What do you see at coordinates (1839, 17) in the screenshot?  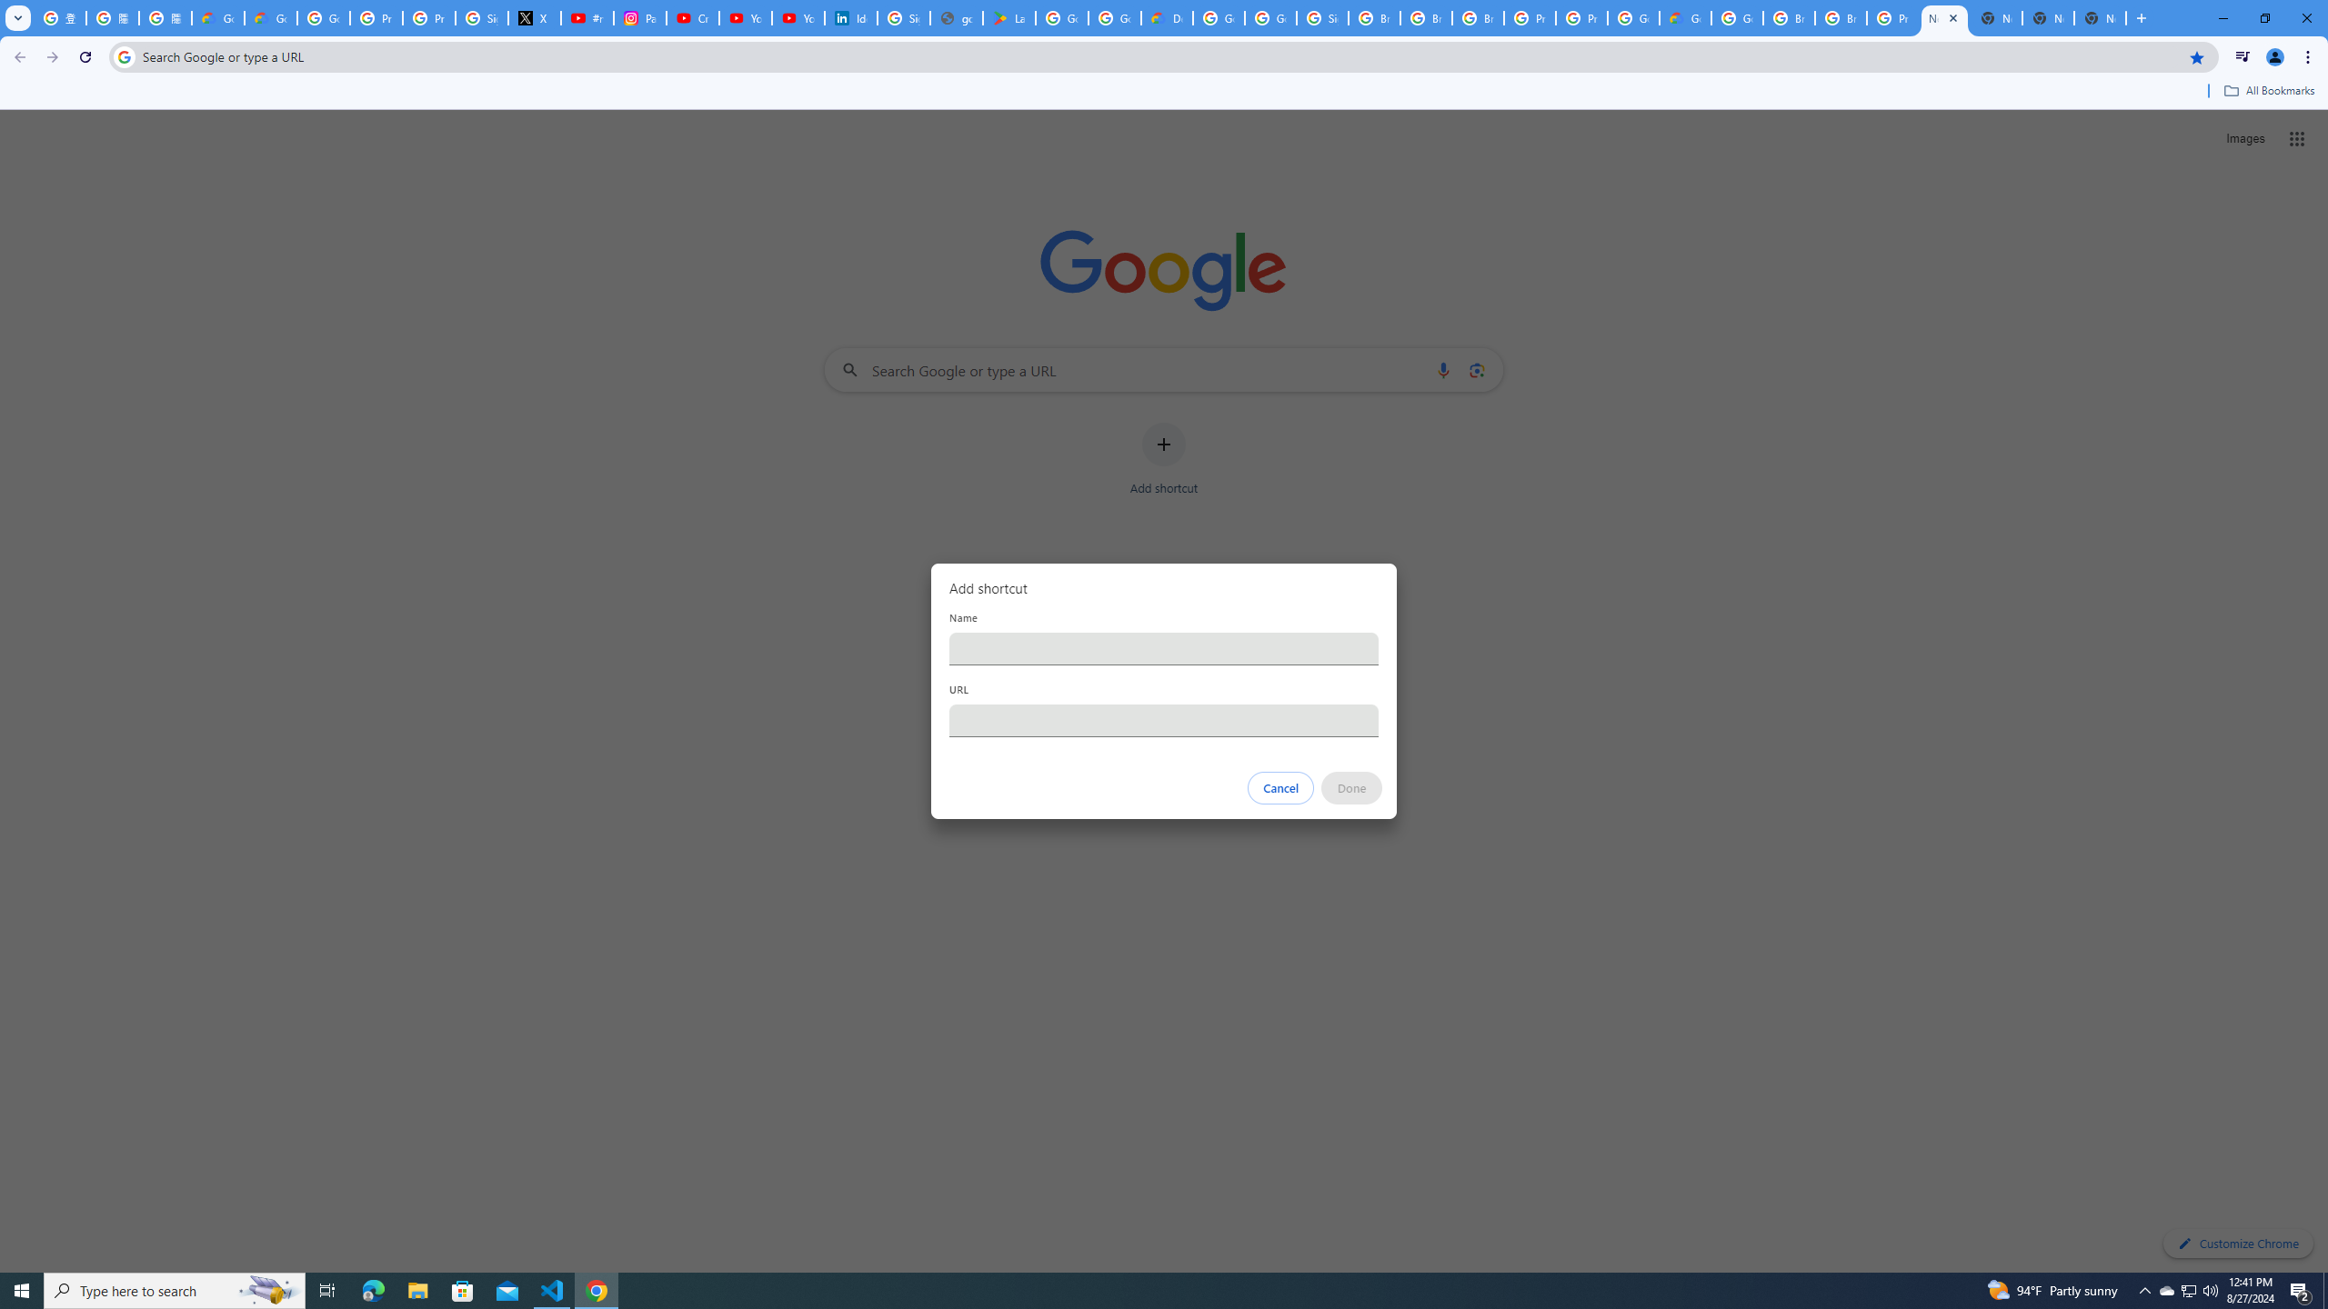 I see `'Browse Chrome as a guest - Computer - Google Chrome Help'` at bounding box center [1839, 17].